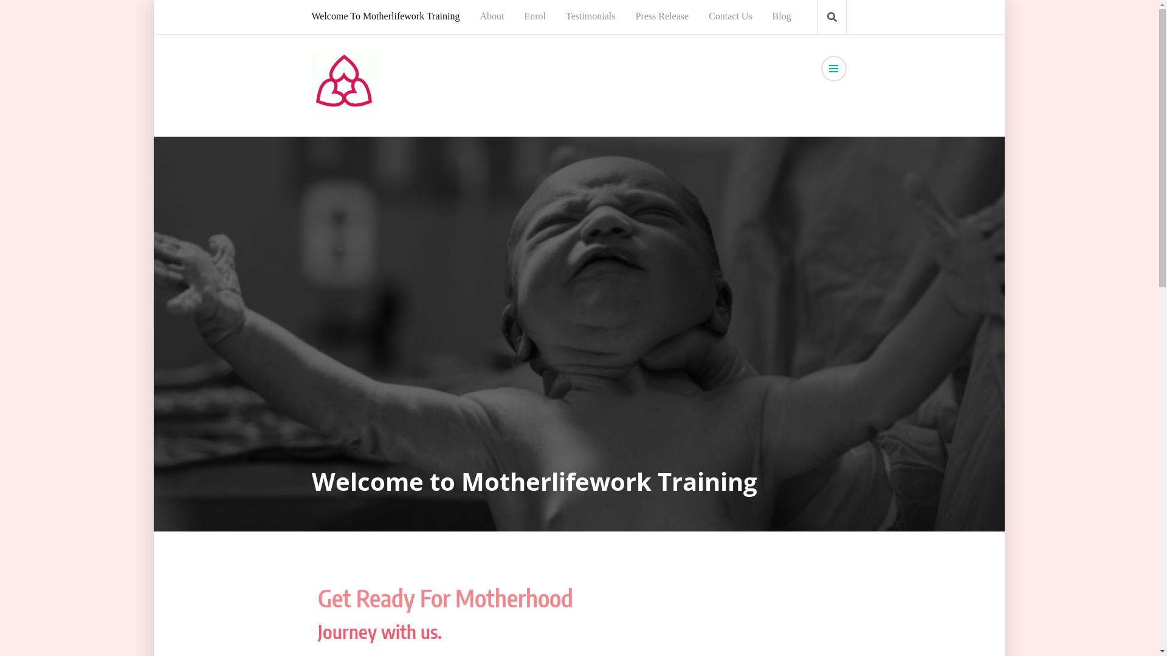 This screenshot has height=656, width=1167. I want to click on 'Welcome To Motherlifework Training', so click(390, 16).